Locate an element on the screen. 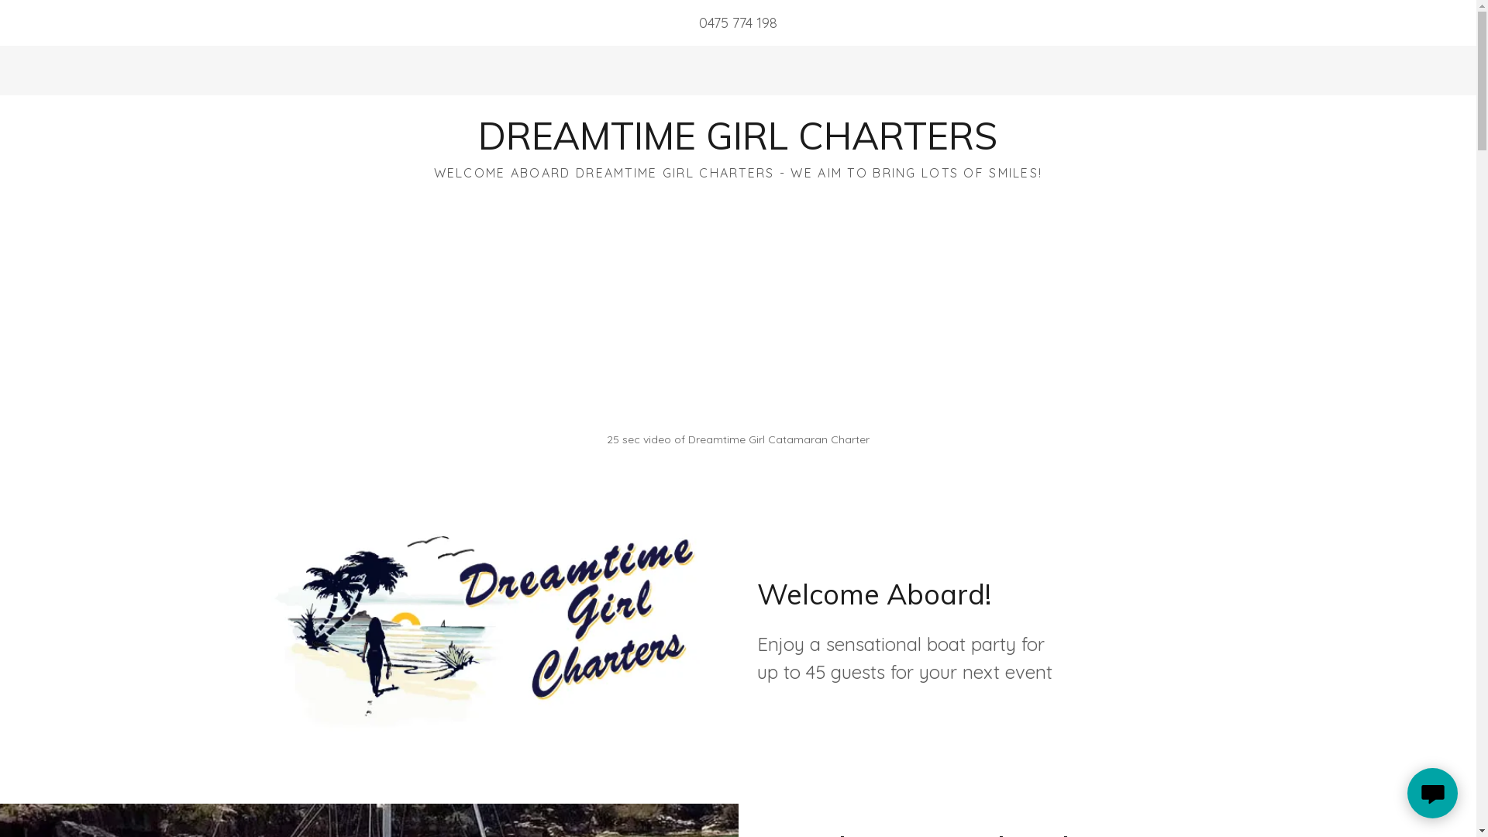  '0475 774 198' is located at coordinates (737, 22).